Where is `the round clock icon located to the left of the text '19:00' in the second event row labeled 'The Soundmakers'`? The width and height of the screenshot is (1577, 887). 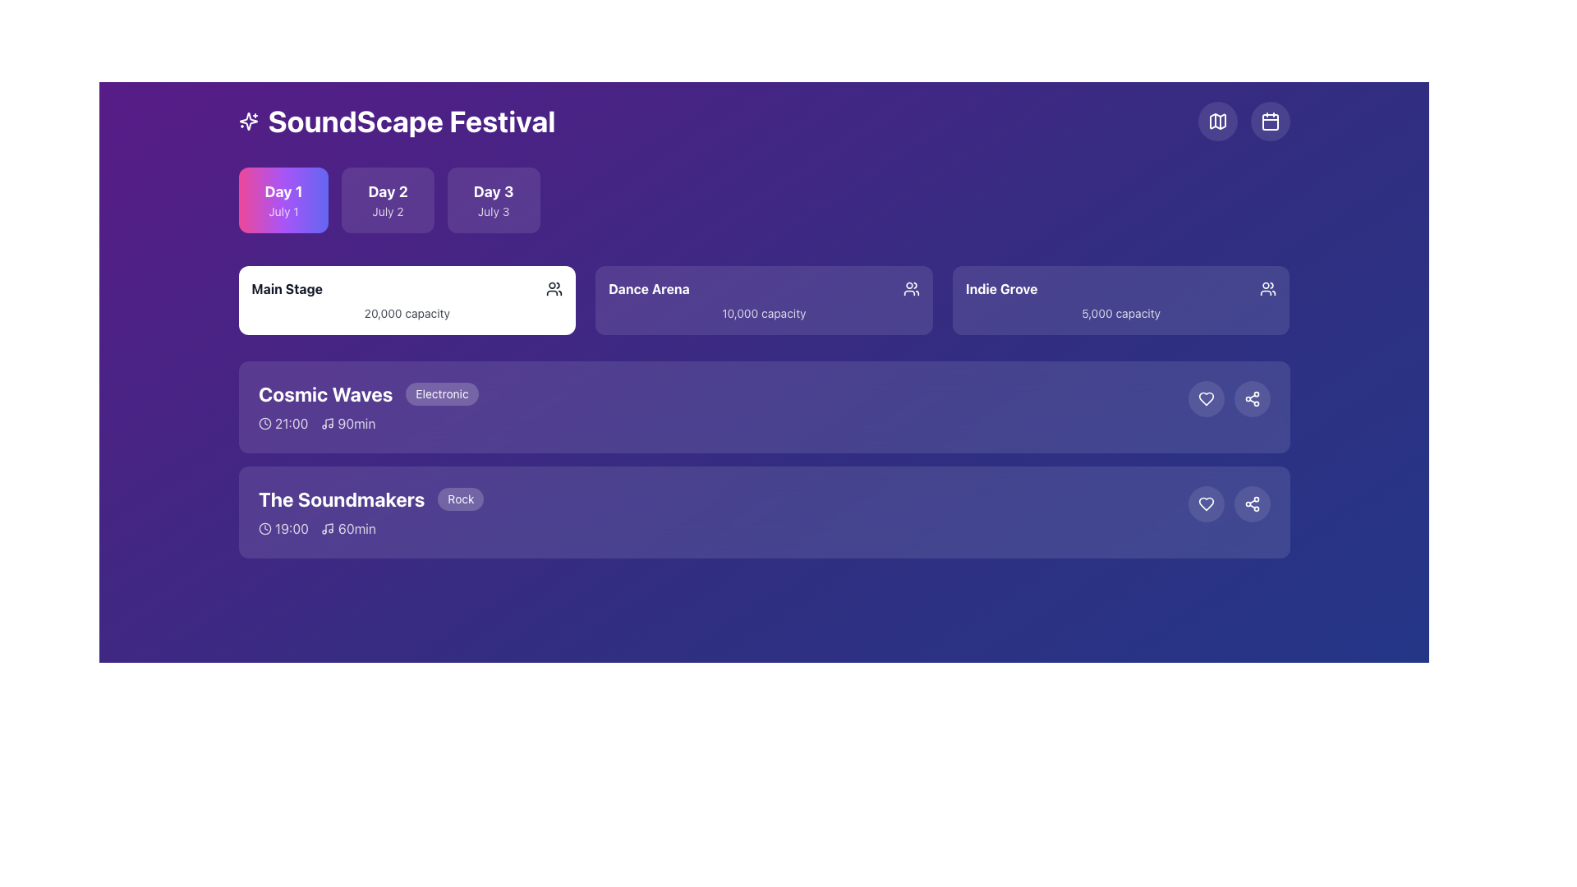
the round clock icon located to the left of the text '19:00' in the second event row labeled 'The Soundmakers' is located at coordinates (264, 529).